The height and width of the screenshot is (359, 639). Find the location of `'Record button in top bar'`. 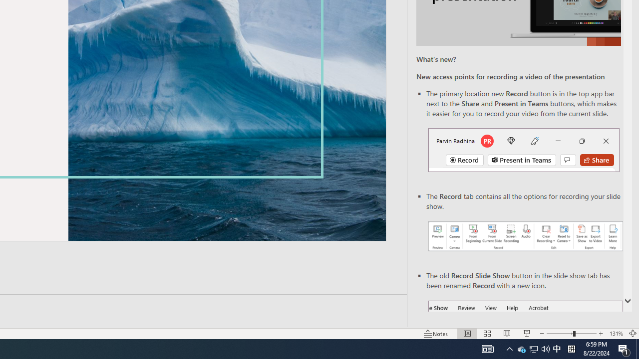

'Record button in top bar' is located at coordinates (523, 150).